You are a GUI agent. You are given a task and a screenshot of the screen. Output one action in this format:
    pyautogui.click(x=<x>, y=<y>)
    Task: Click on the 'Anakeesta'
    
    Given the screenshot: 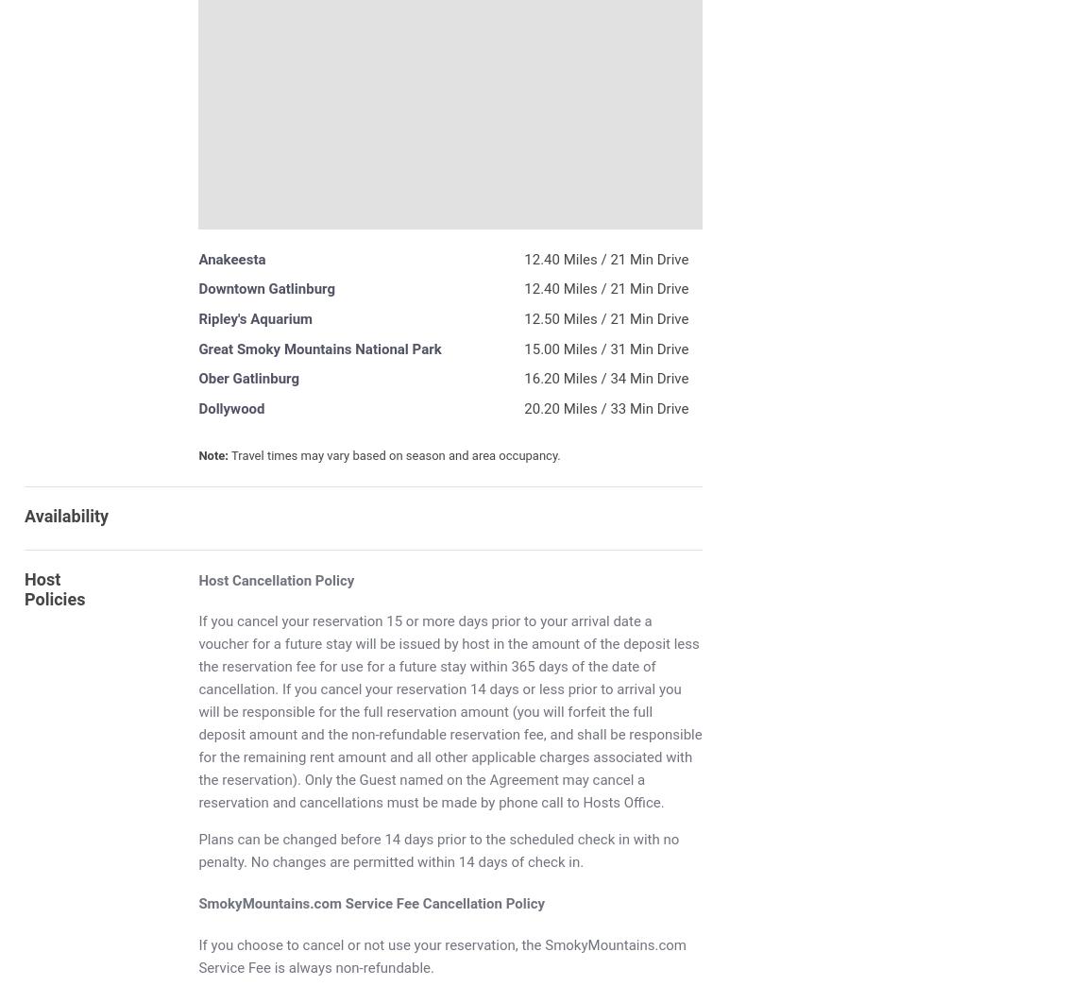 What is the action you would take?
    pyautogui.click(x=230, y=258)
    